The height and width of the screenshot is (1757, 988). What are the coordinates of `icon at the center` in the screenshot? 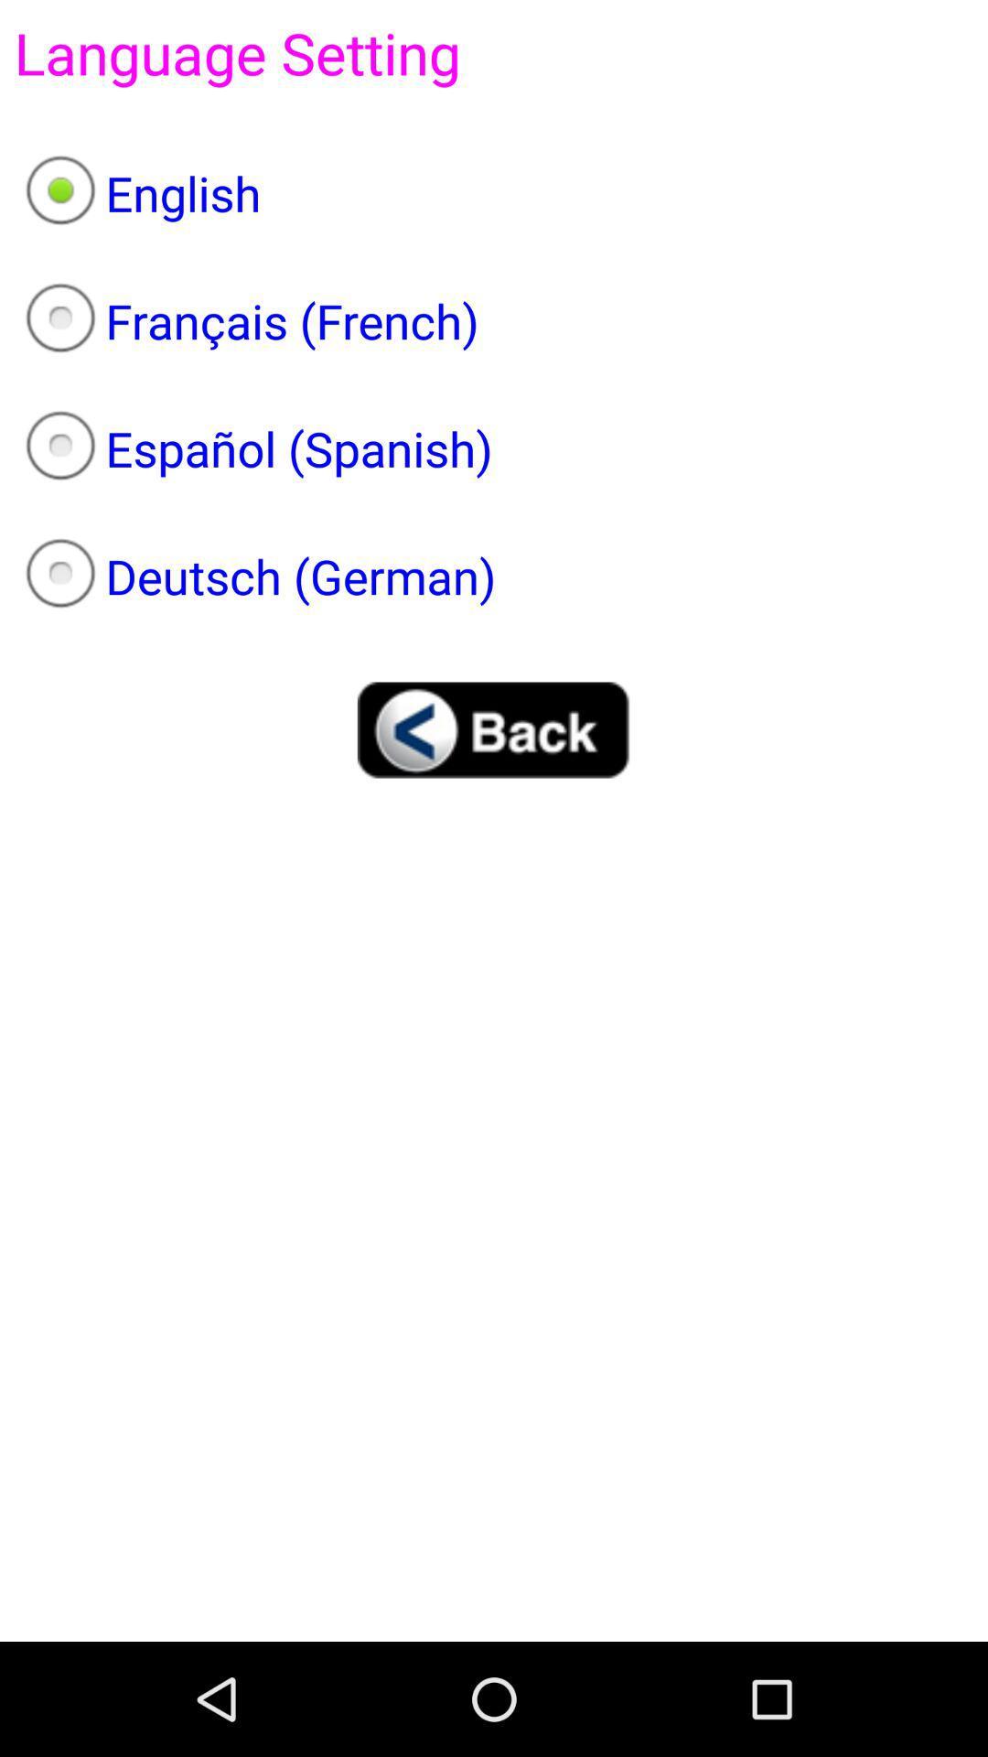 It's located at (494, 728).